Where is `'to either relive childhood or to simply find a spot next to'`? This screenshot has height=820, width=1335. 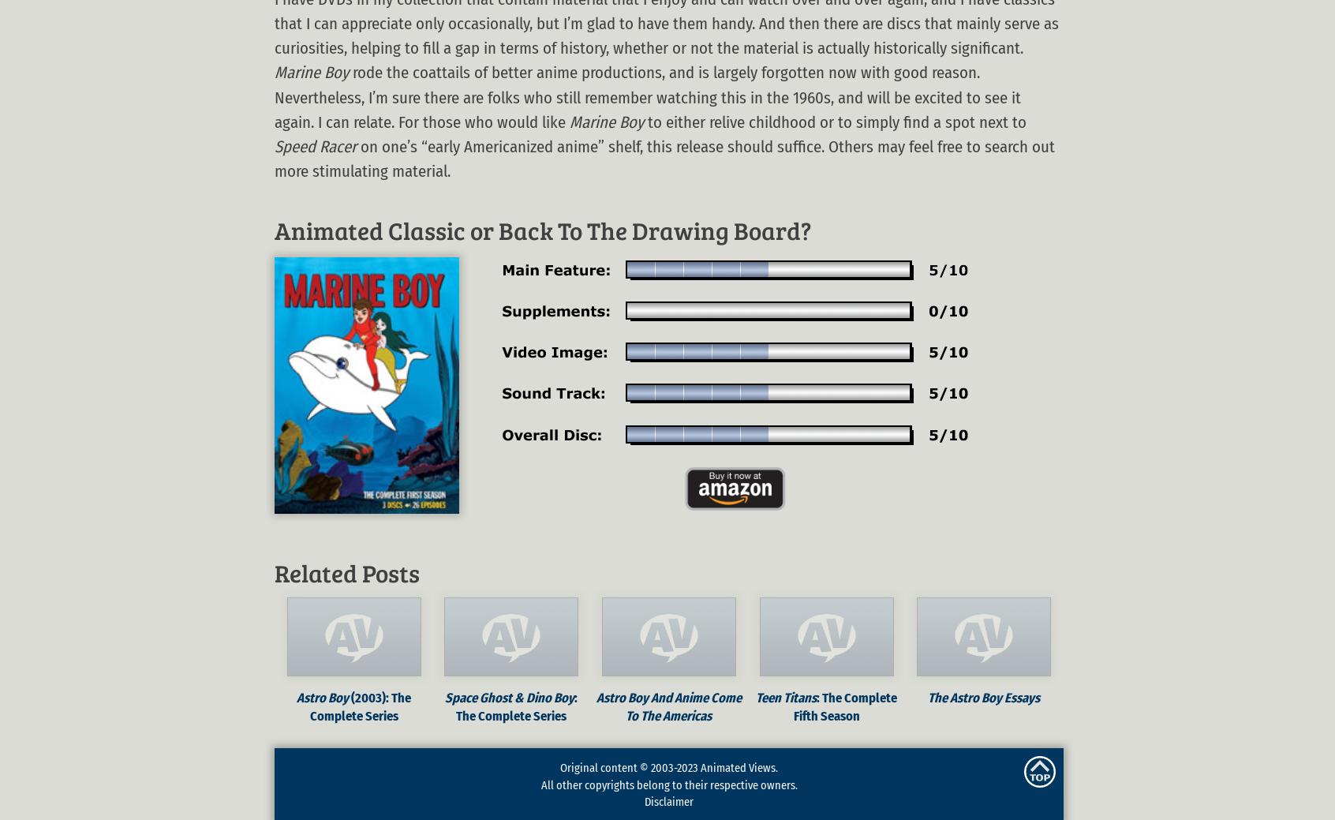
'to either relive childhood or to simply find a spot next to' is located at coordinates (835, 121).